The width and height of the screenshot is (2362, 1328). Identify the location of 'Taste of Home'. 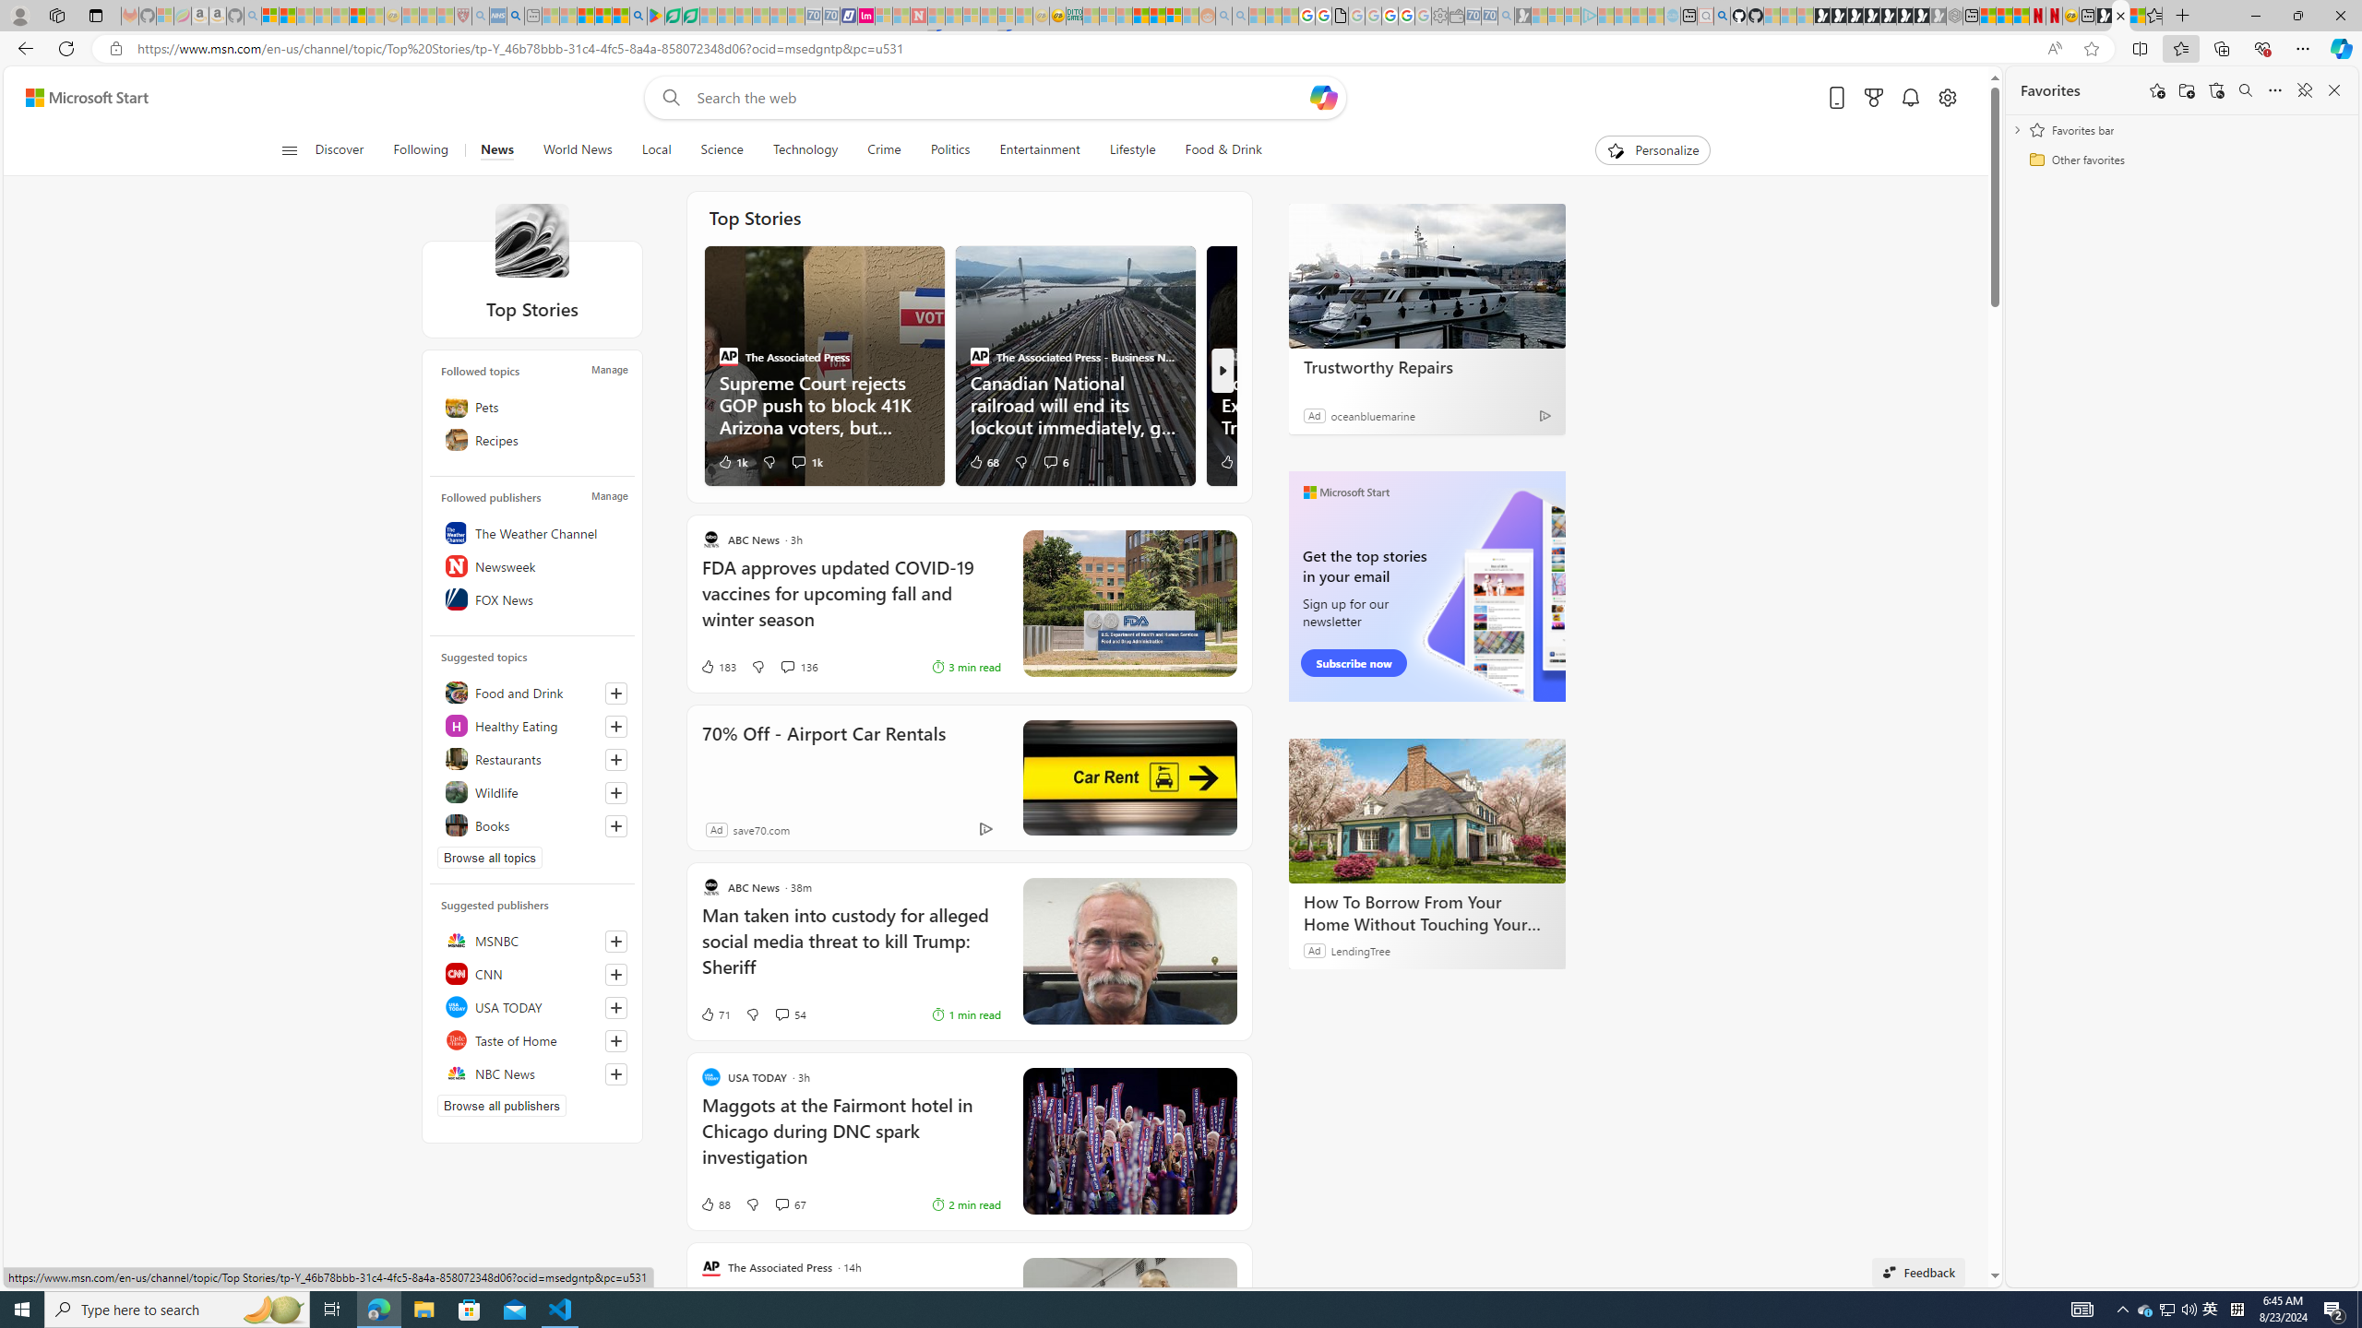
(531, 1039).